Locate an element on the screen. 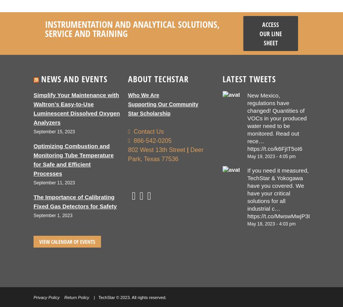 This screenshot has width=343, height=307. 'New Mexico, regulations have changed! Quantities of VOCs in your produced water need to be monitored. Read out rece…' is located at coordinates (276, 118).